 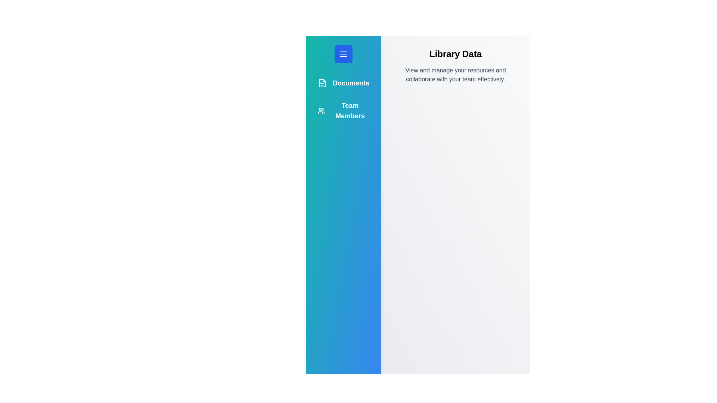 What do you see at coordinates (322, 83) in the screenshot?
I see `the icon for Documents to inspect it visually` at bounding box center [322, 83].